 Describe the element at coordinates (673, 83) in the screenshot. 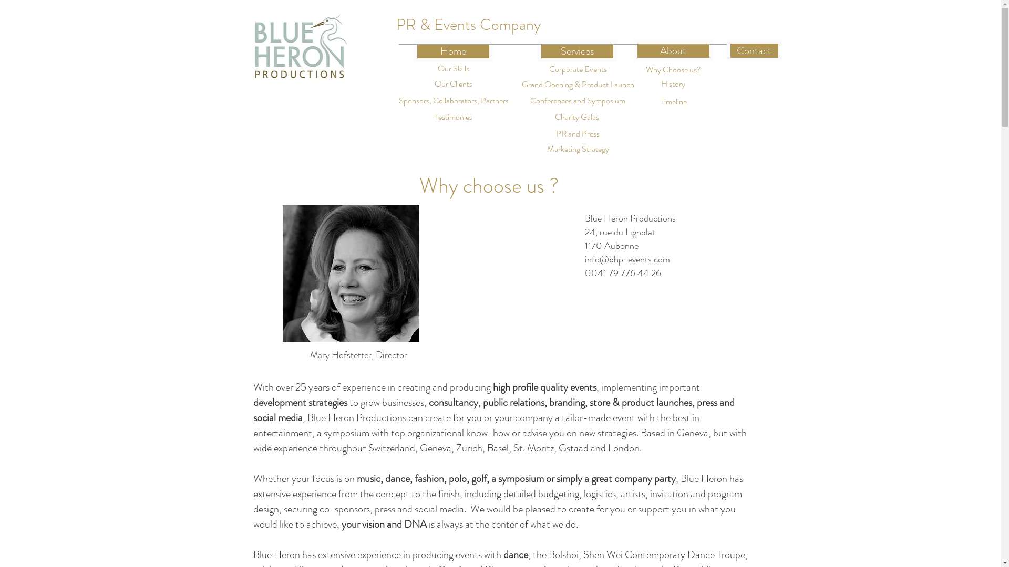

I see `'History'` at that location.